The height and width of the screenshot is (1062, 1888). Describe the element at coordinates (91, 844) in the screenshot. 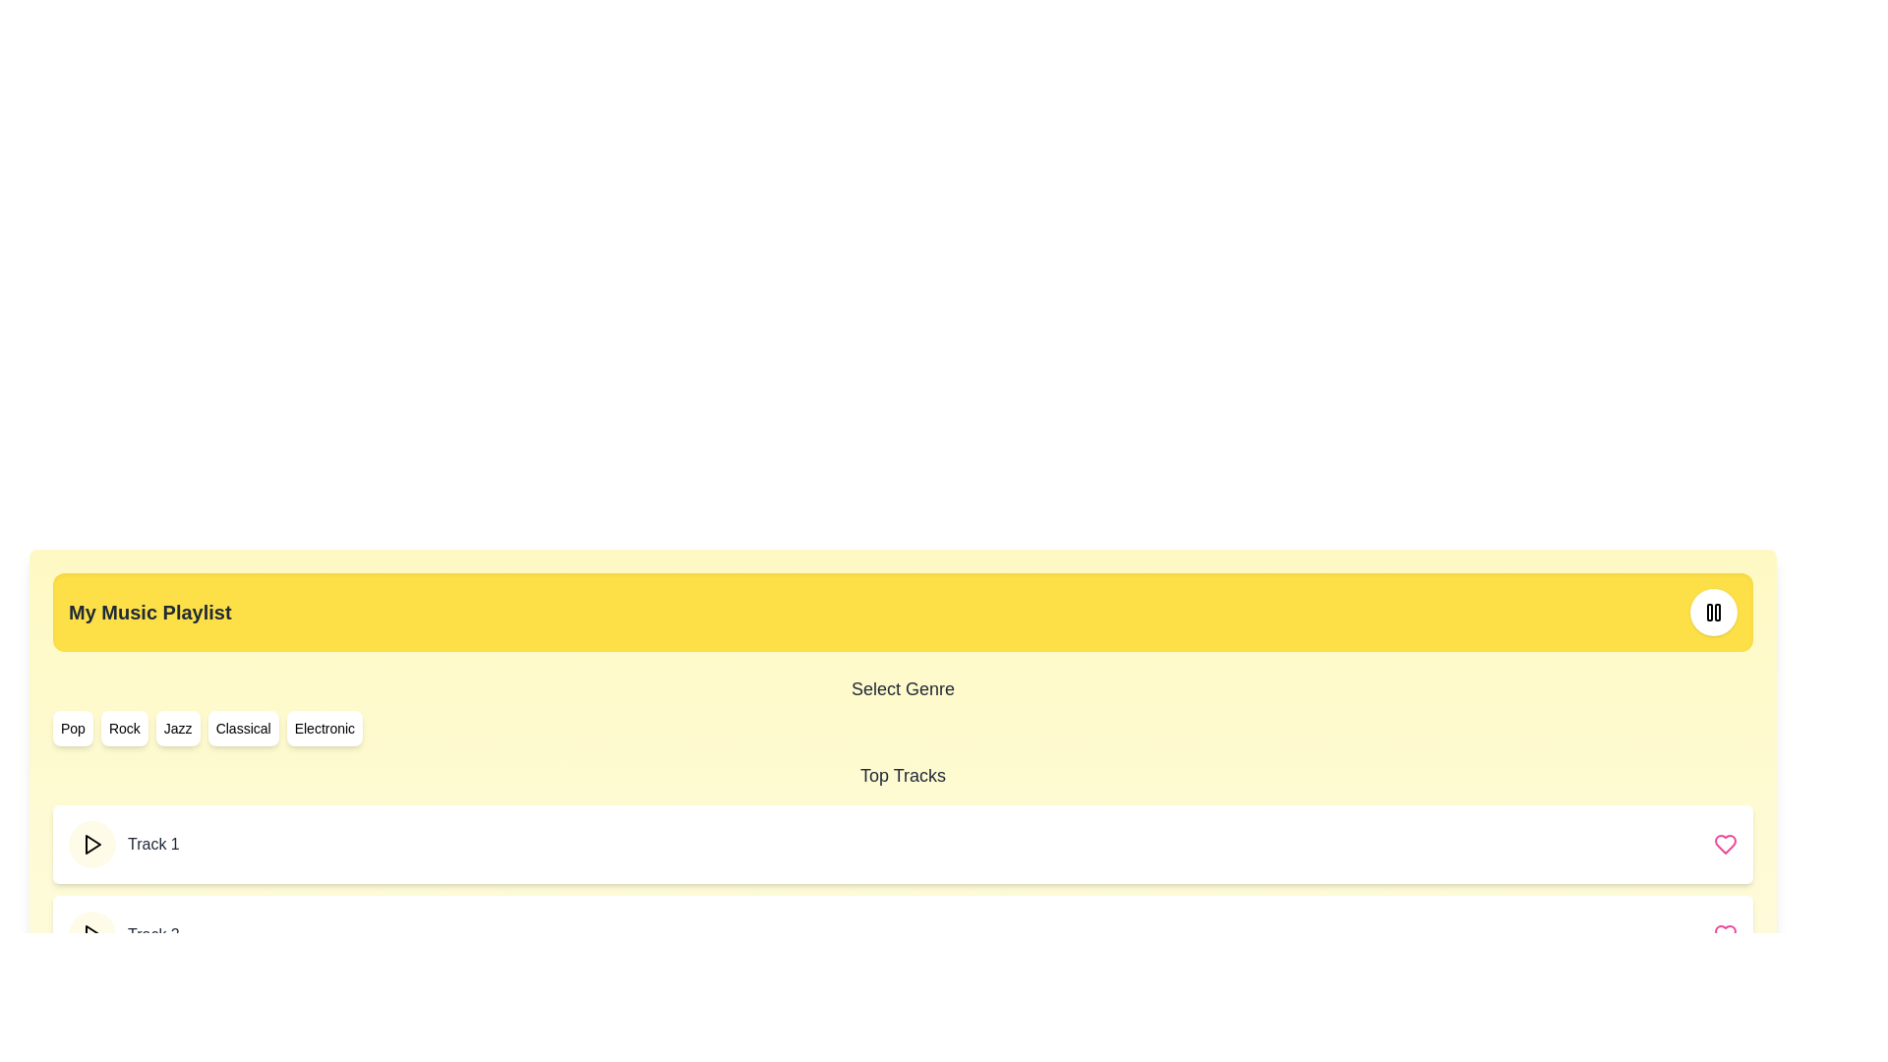

I see `the triangular play icon button, which is centered within a circular yellow background, located at the left edge of the row labeled 'Track 1'` at that location.